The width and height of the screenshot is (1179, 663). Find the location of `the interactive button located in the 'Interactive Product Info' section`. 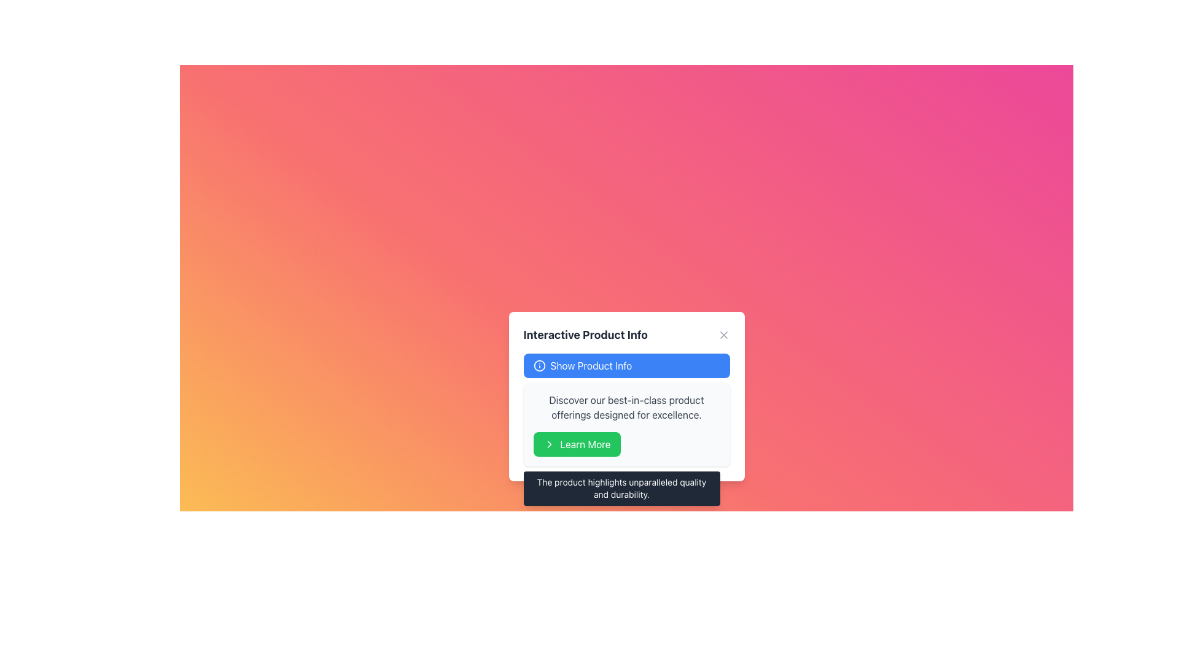

the interactive button located in the 'Interactive Product Info' section is located at coordinates (626, 365).